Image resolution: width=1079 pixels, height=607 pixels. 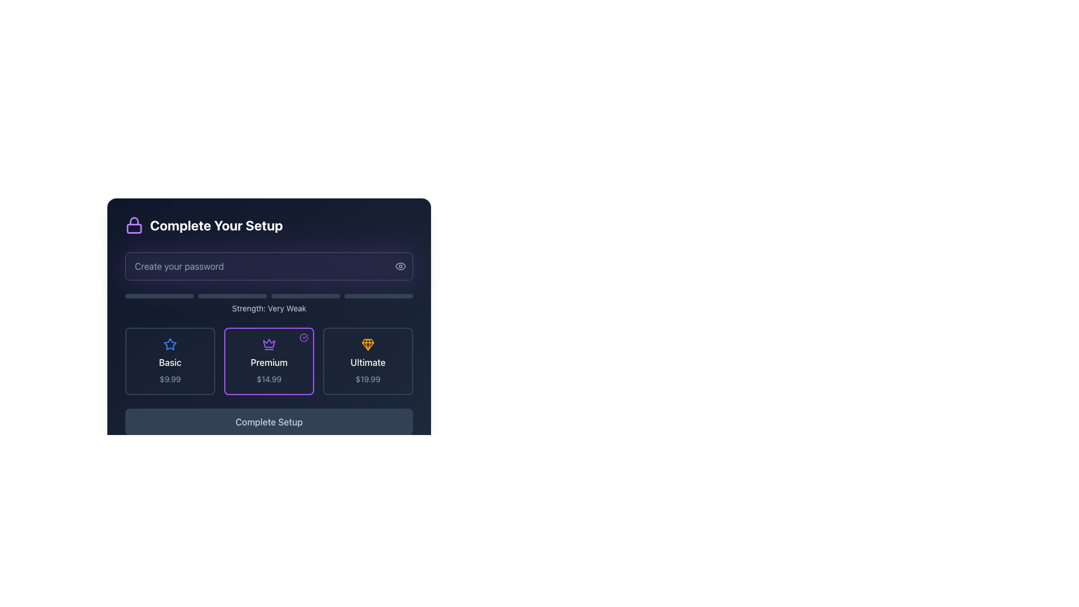 What do you see at coordinates (216, 225) in the screenshot?
I see `the Text Display element that serves as a headline for the setup process, located at the top-left section of the interface, above the password input field and next to the lock icon` at bounding box center [216, 225].